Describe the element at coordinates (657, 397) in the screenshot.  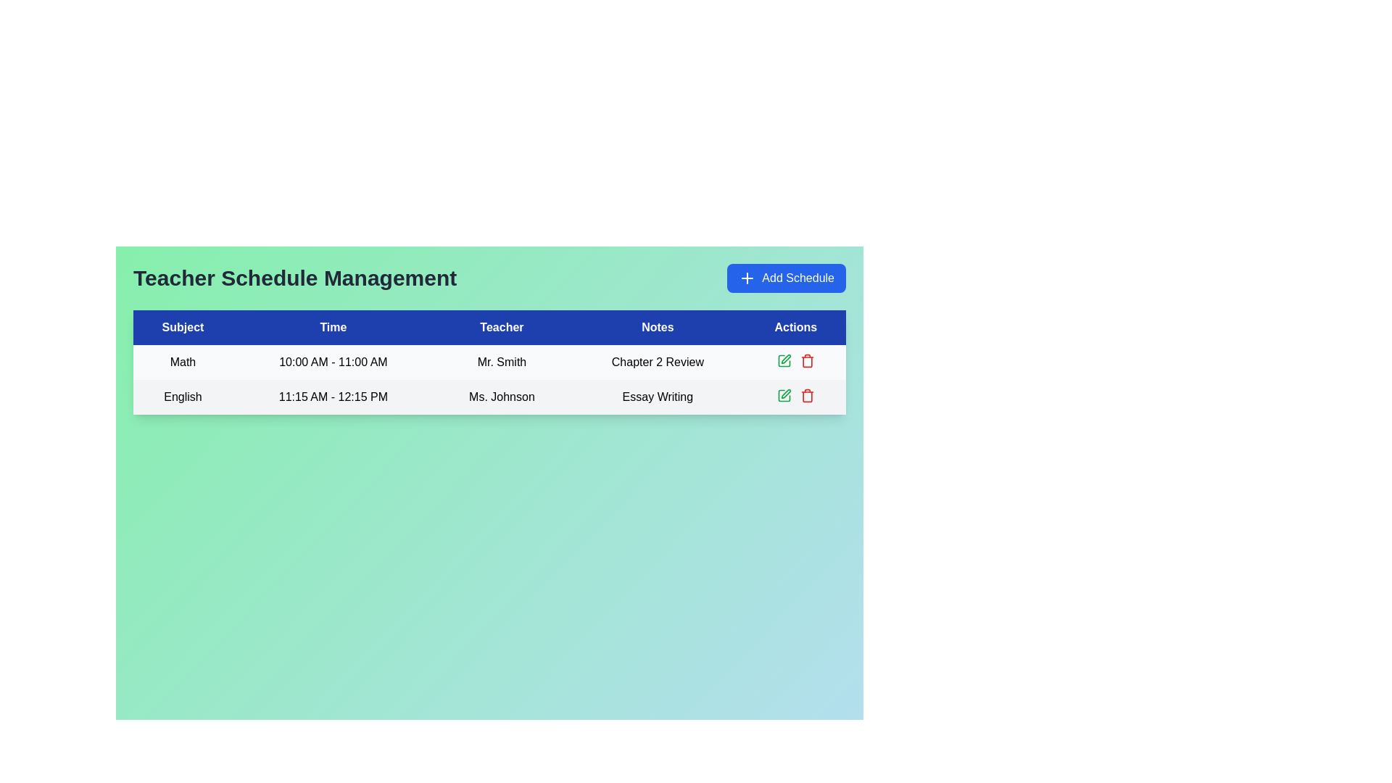
I see `the label displaying 'Essay Writing' in the 'Notes' section, which is positioned in the fourth column of the second row of the table, aligned to the right of 'Ms. Johnson' and to the left of action icons` at that location.